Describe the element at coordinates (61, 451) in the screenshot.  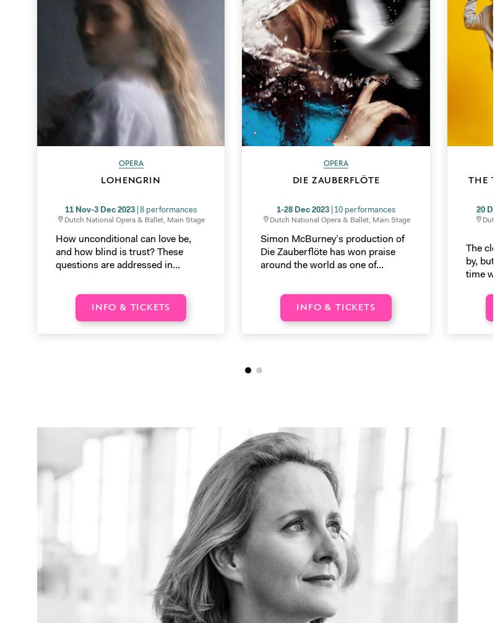
I see `'Newsletter'` at that location.